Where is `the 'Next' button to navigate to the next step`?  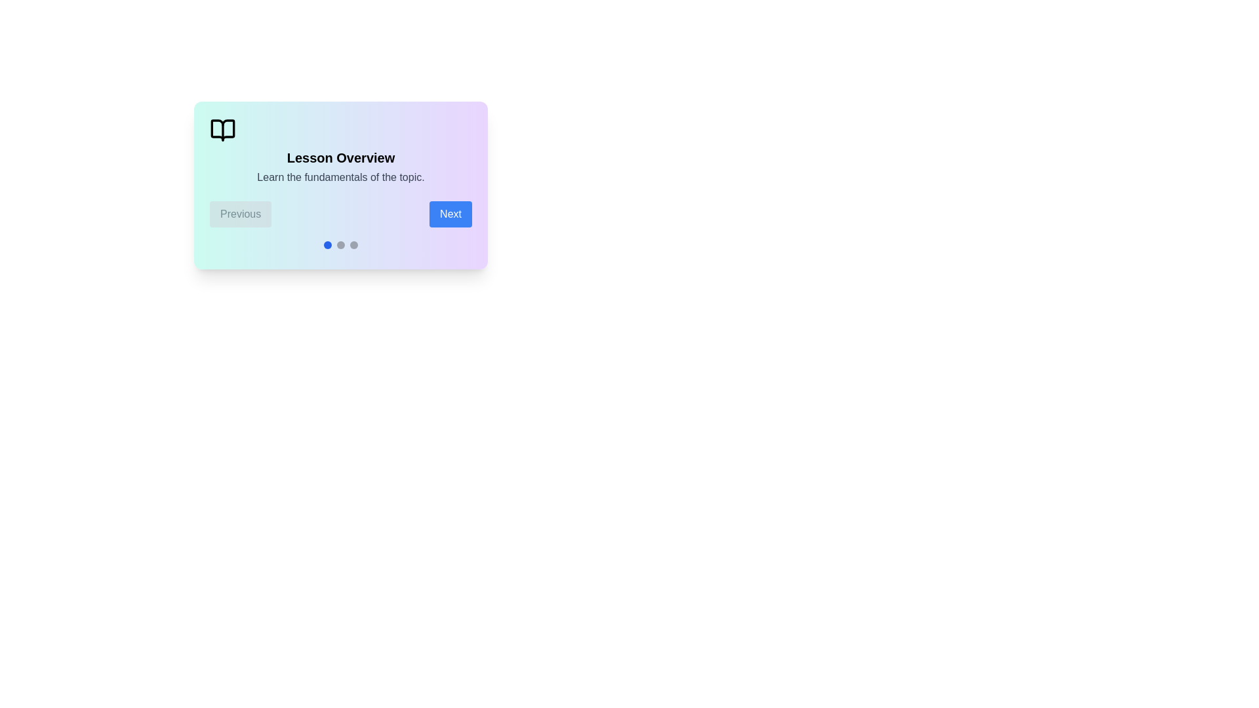
the 'Next' button to navigate to the next step is located at coordinates (450, 214).